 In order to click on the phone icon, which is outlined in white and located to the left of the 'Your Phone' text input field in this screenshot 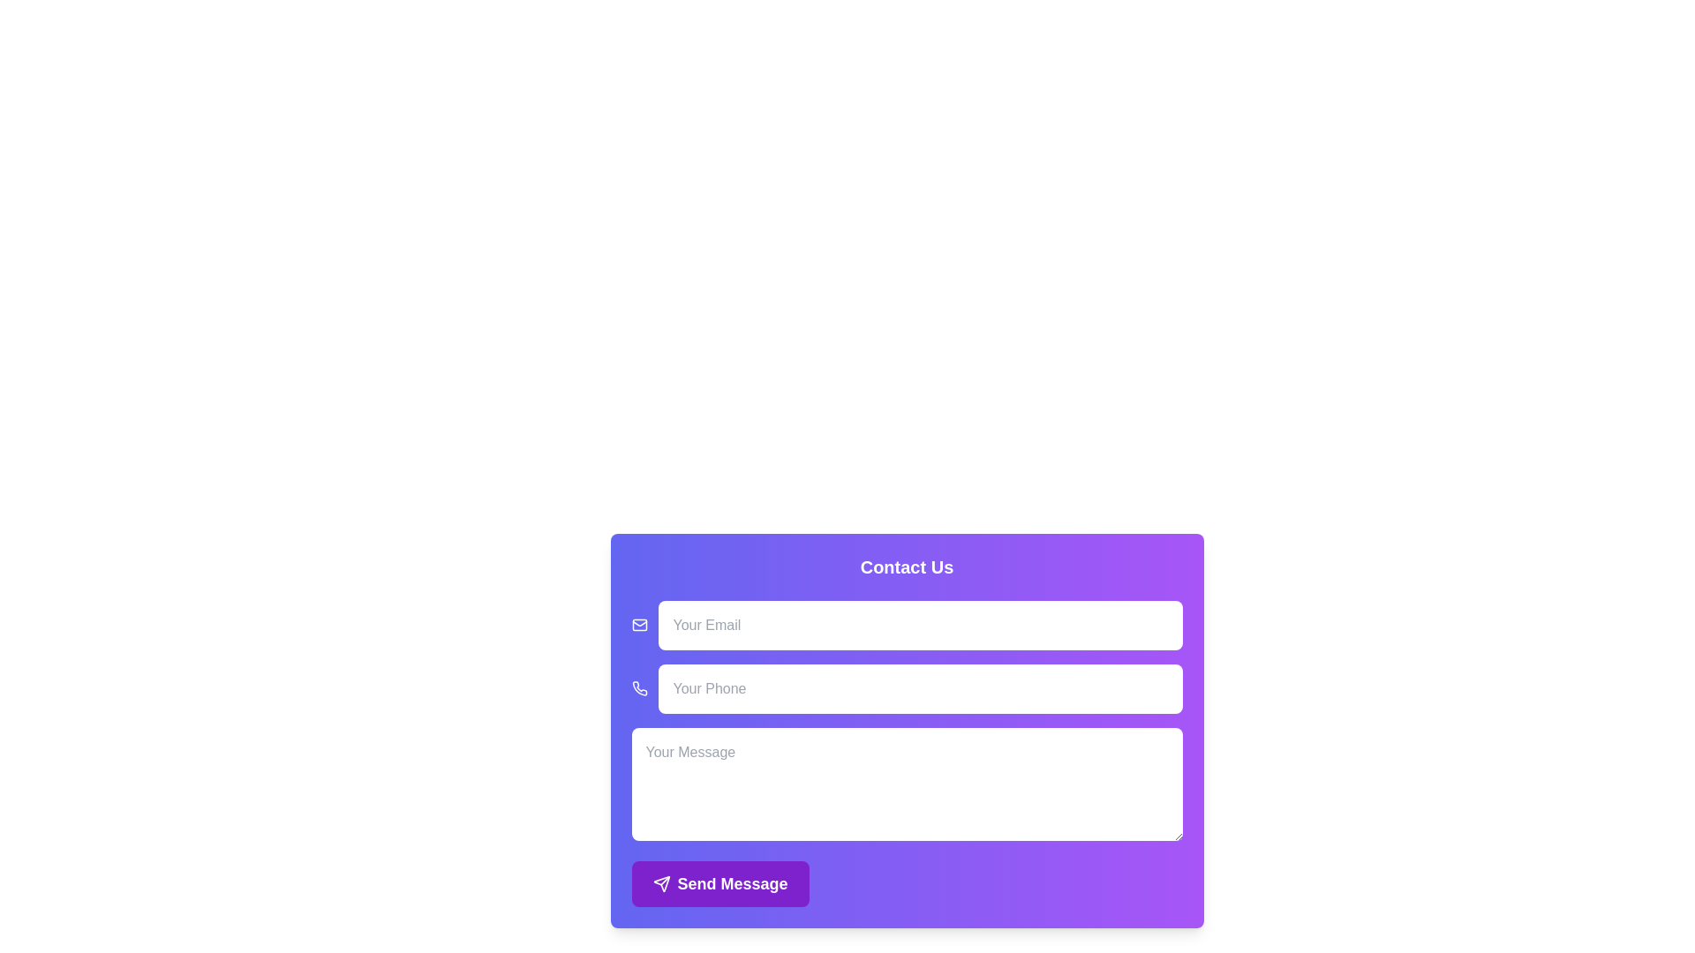, I will do `click(638, 687)`.